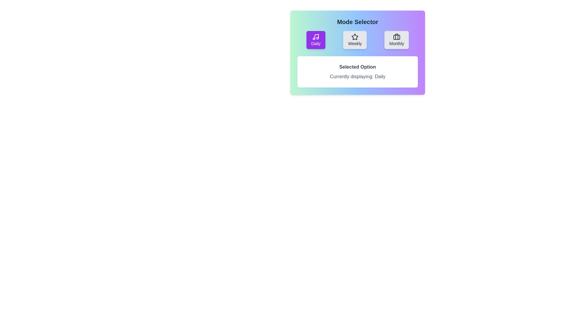 This screenshot has height=325, width=578. I want to click on the star outline graphical icon located at the top-center part of the interface, so click(355, 37).